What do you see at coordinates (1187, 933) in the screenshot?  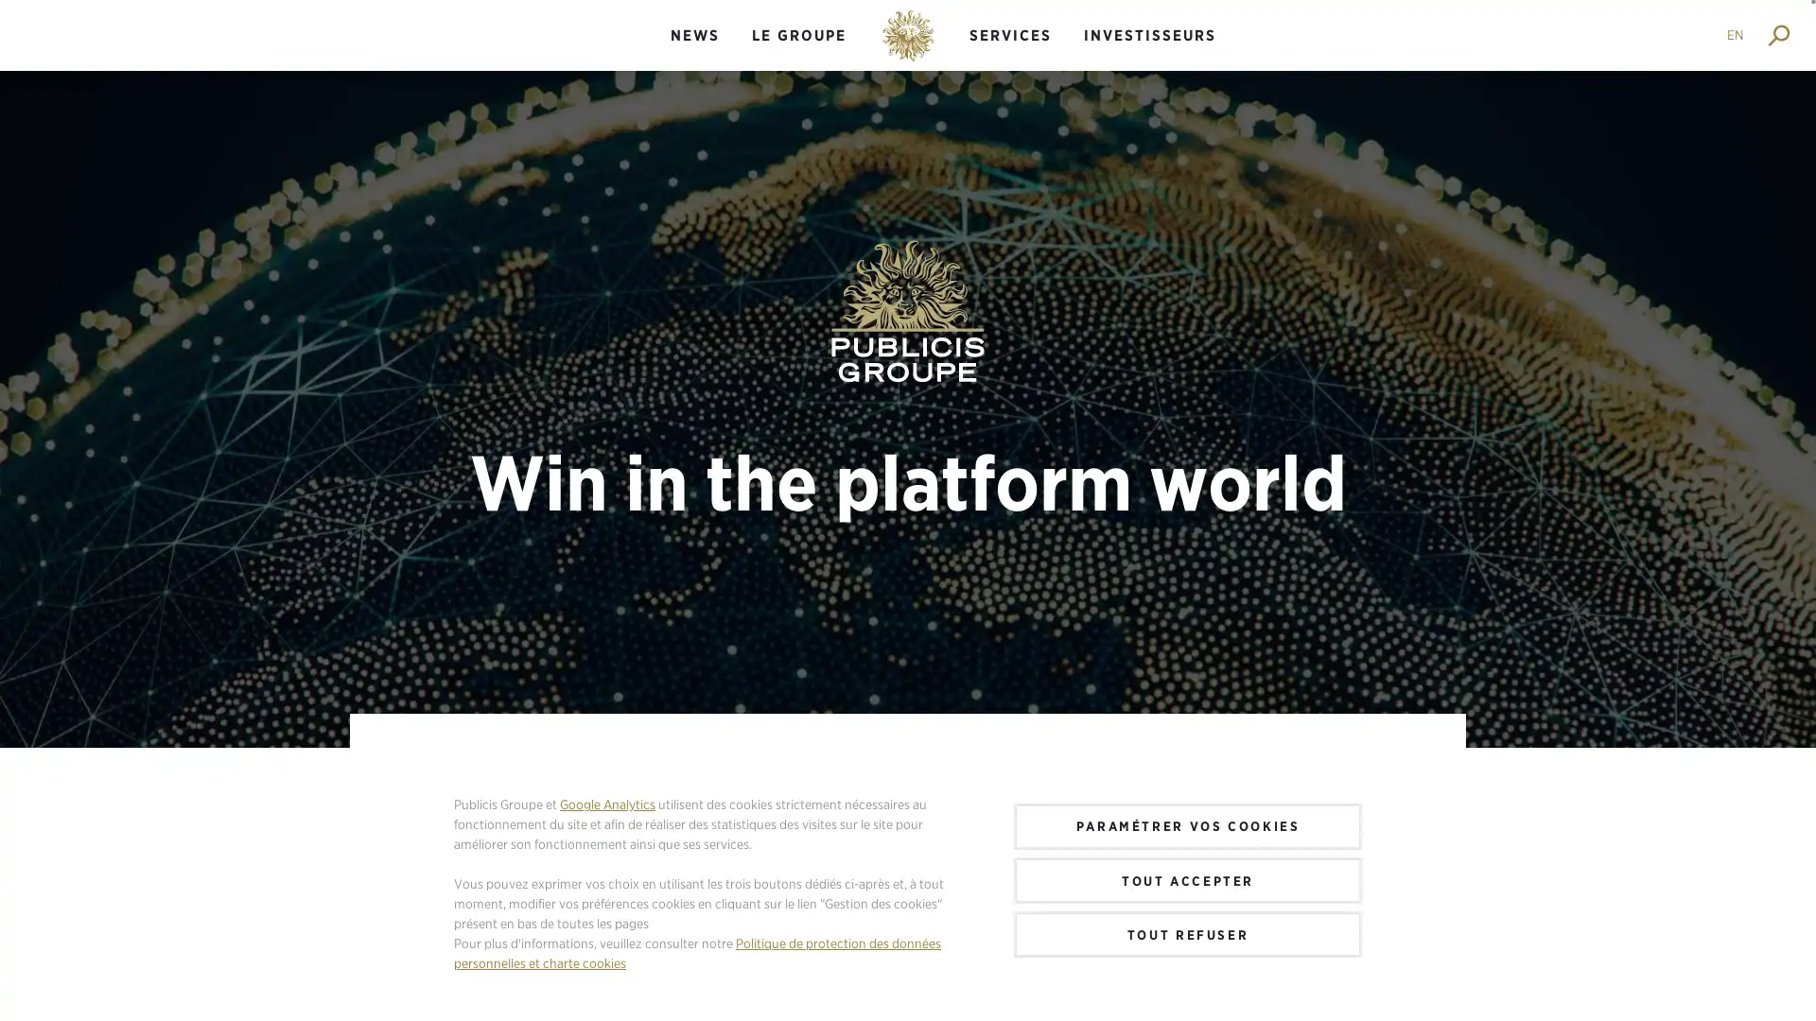 I see `TOUT REFUSER TOUT REFUSER` at bounding box center [1187, 933].